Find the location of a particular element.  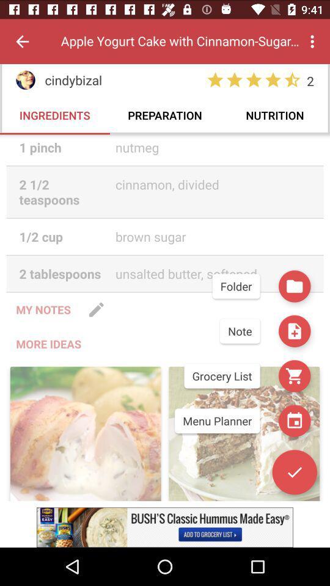

the save icon is located at coordinates (294, 331).